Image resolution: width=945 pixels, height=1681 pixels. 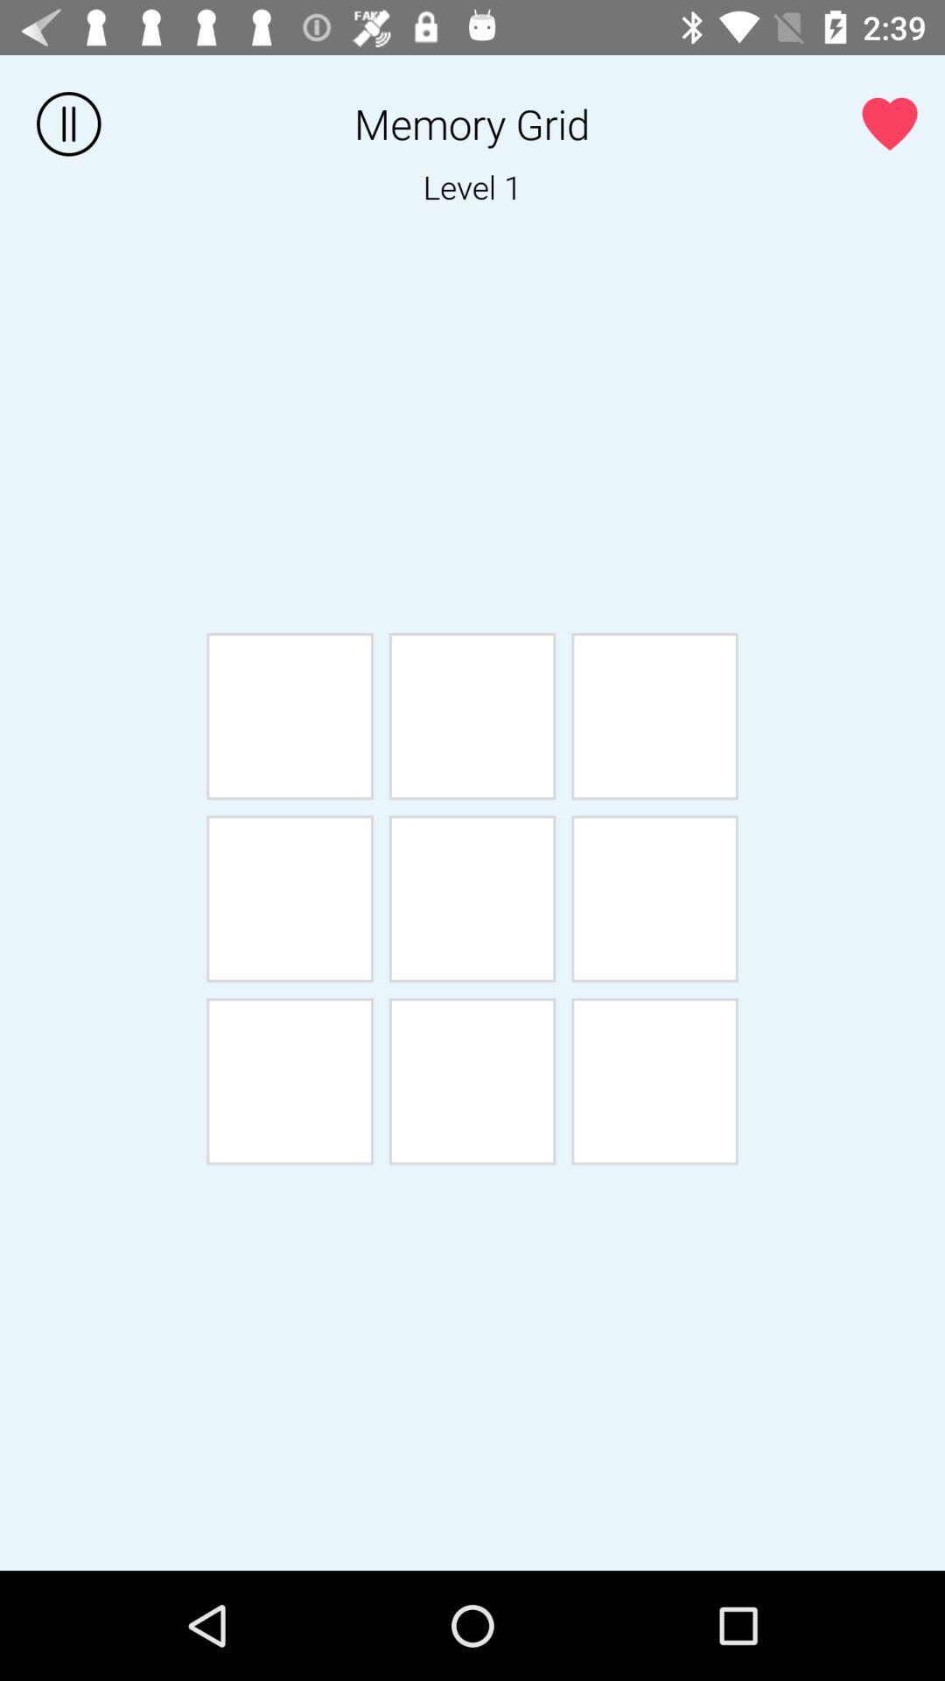 What do you see at coordinates (472, 899) in the screenshot?
I see `the 5th box` at bounding box center [472, 899].